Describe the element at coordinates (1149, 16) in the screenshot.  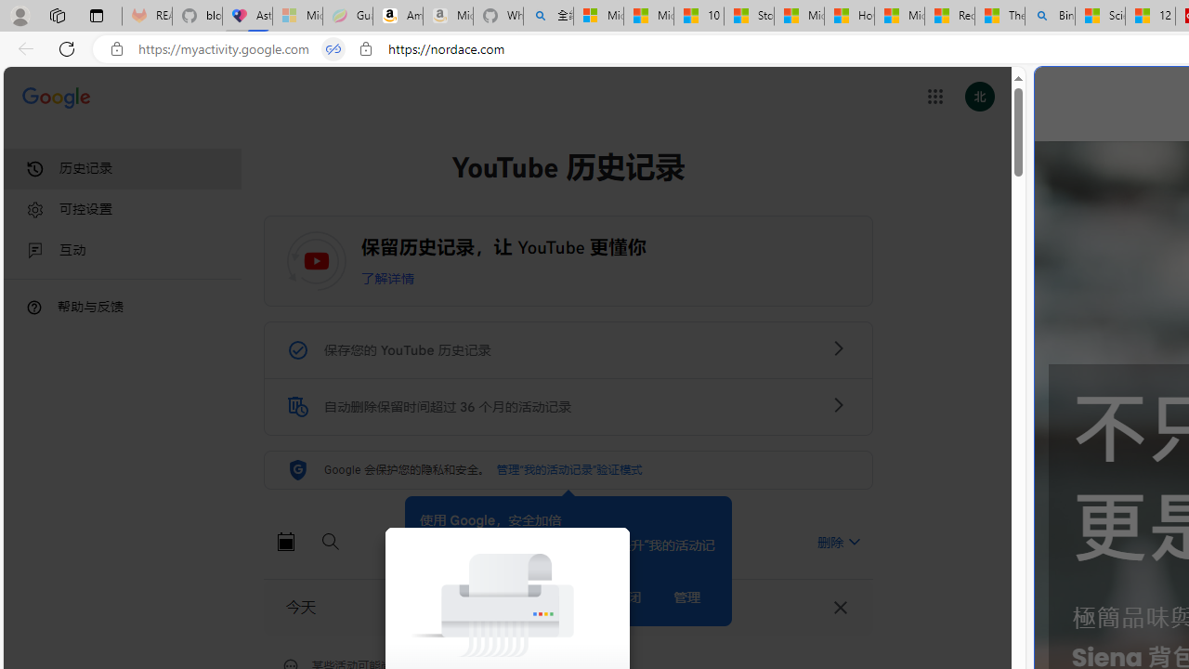
I see `'12 Popular Science Lies that Must be Corrected'` at that location.